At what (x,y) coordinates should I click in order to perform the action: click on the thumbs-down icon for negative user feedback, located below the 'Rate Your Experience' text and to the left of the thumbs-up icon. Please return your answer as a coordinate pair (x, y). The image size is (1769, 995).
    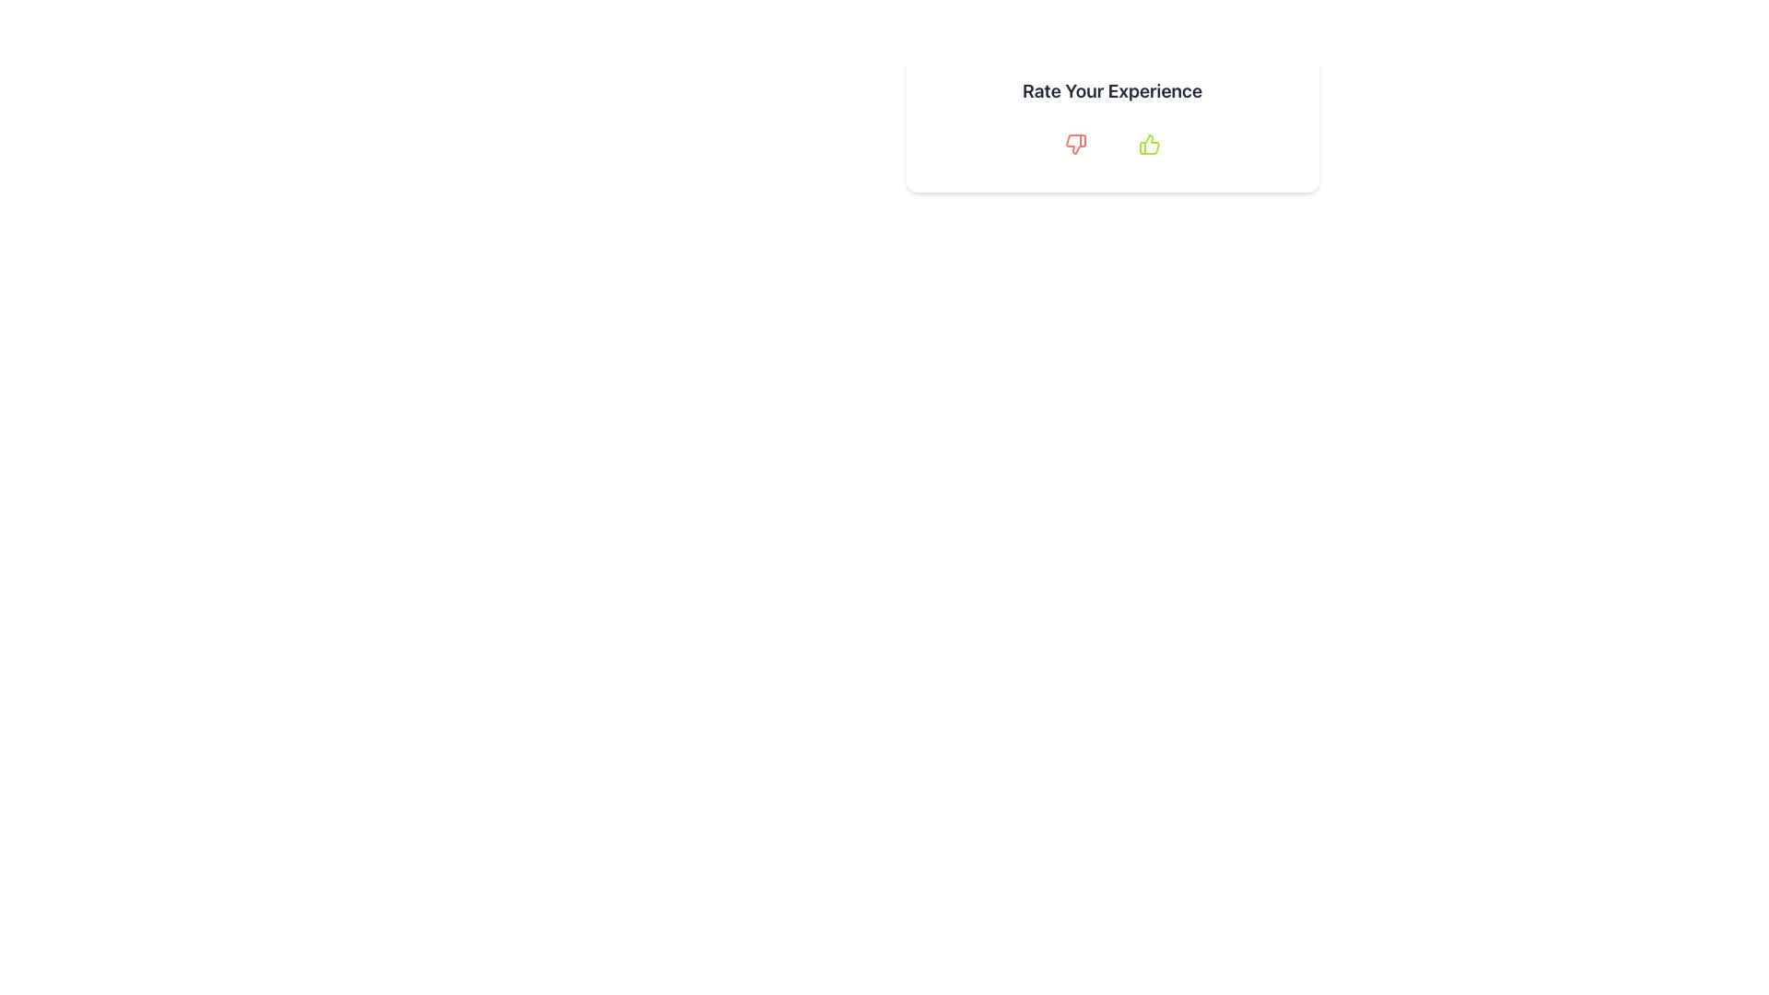
    Looking at the image, I should click on (1075, 144).